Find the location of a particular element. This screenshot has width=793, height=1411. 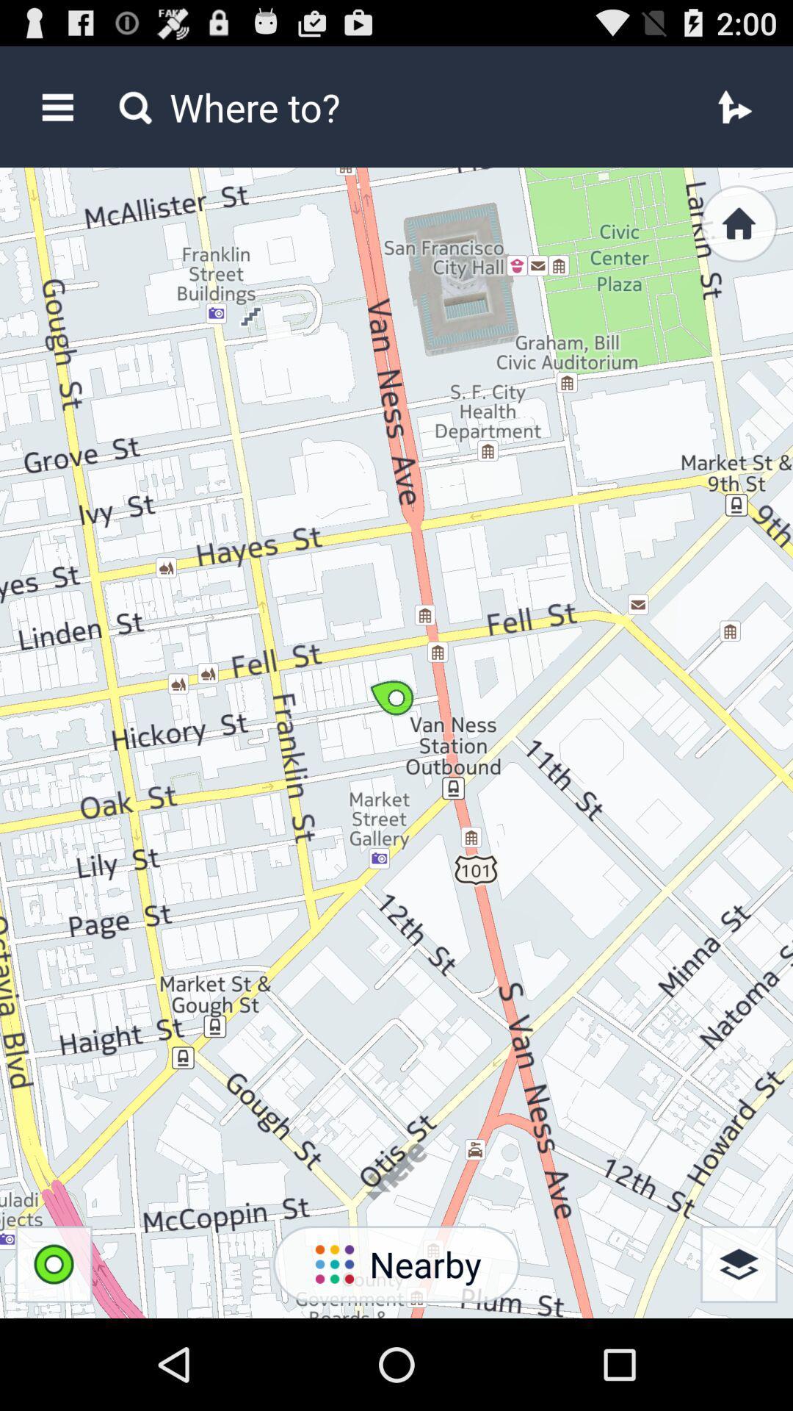

the layers icon is located at coordinates (739, 1352).